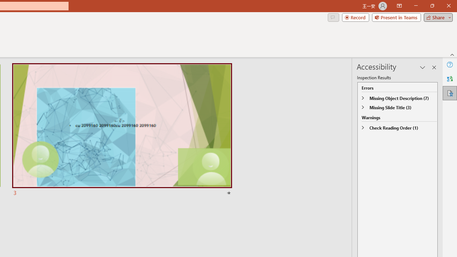  I want to click on 'Translator', so click(450, 79).